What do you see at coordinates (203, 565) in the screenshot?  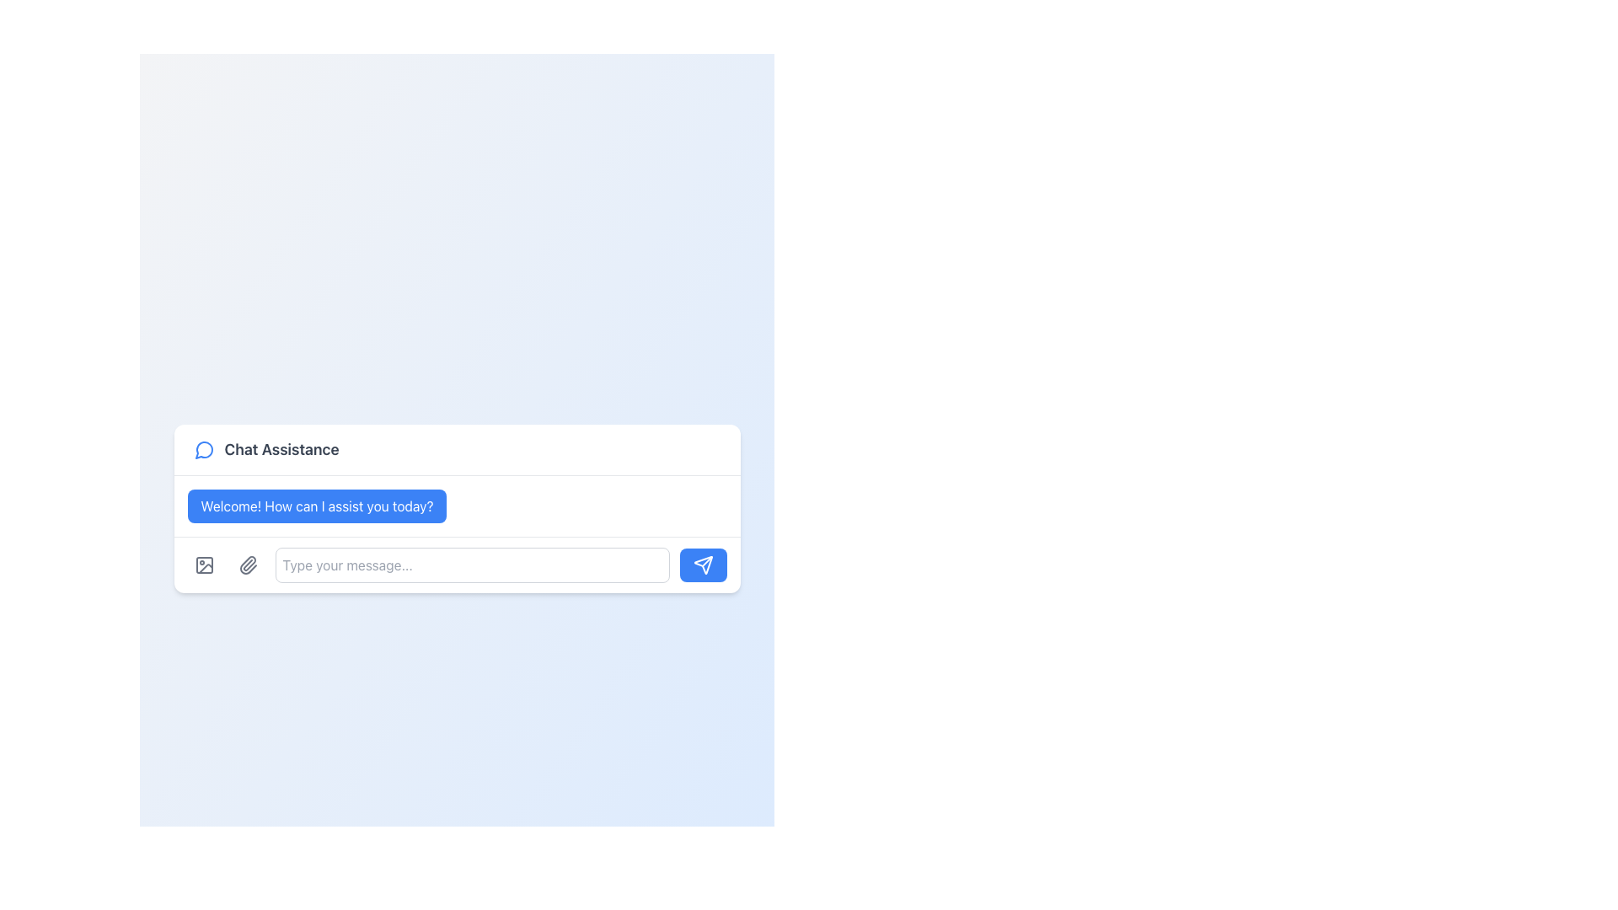 I see `the small rectangular button with rounded corners and a gray background that contains a photo icon` at bounding box center [203, 565].